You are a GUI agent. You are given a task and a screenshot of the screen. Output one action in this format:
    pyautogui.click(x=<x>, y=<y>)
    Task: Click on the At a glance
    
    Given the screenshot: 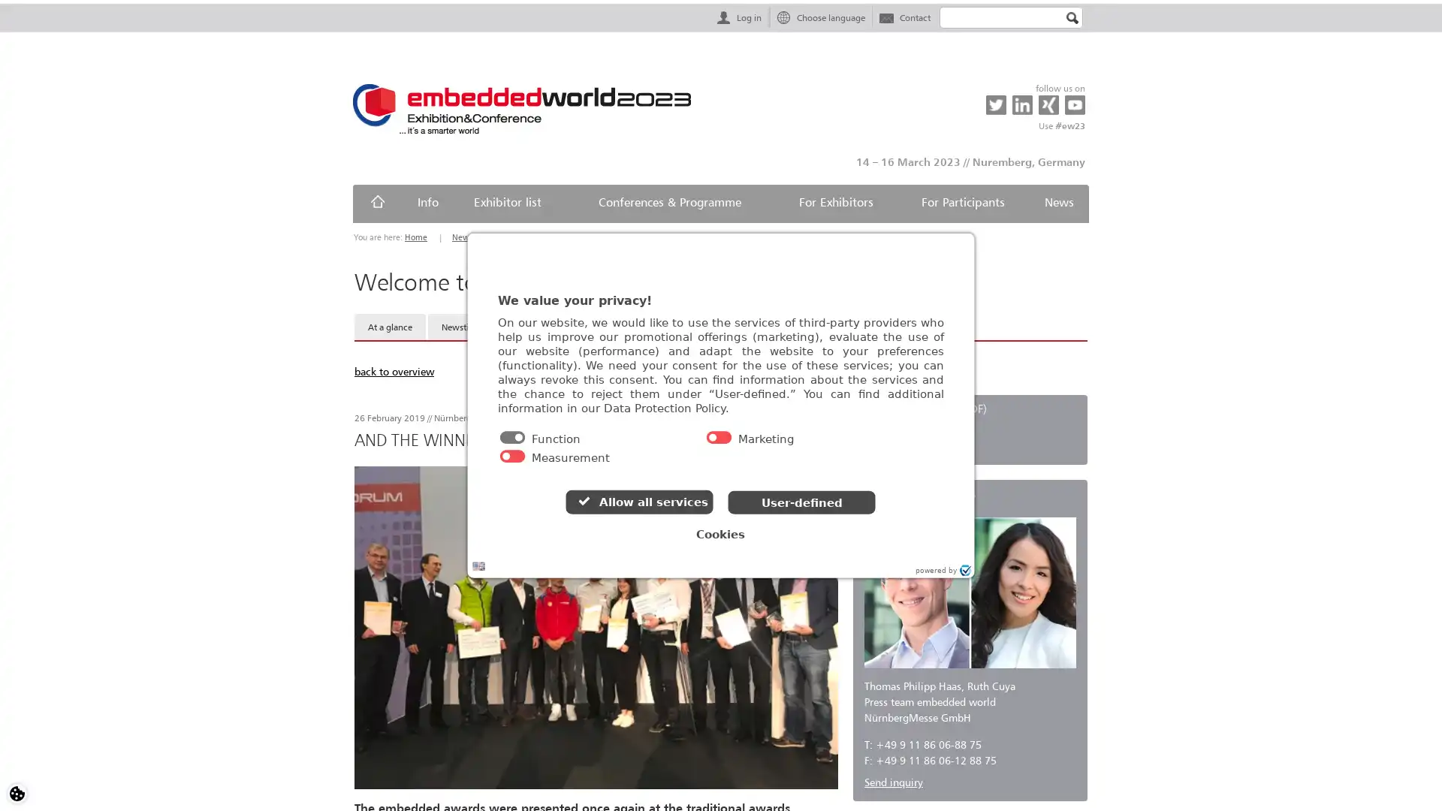 What is the action you would take?
    pyautogui.click(x=390, y=326)
    